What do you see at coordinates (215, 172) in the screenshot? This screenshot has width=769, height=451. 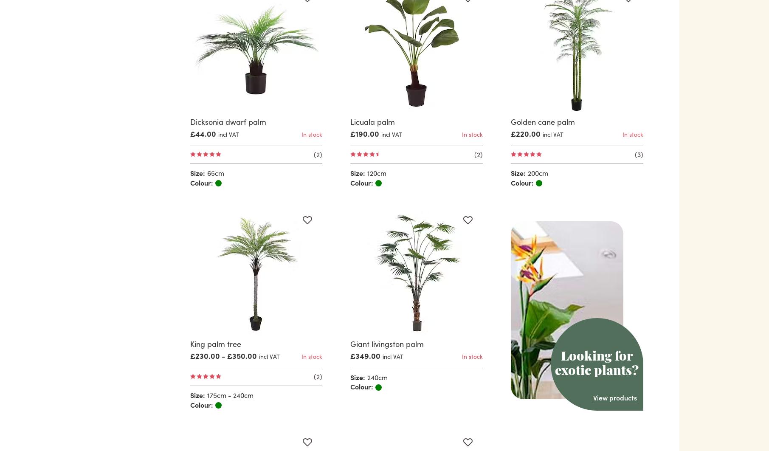 I see `'65cm'` at bounding box center [215, 172].